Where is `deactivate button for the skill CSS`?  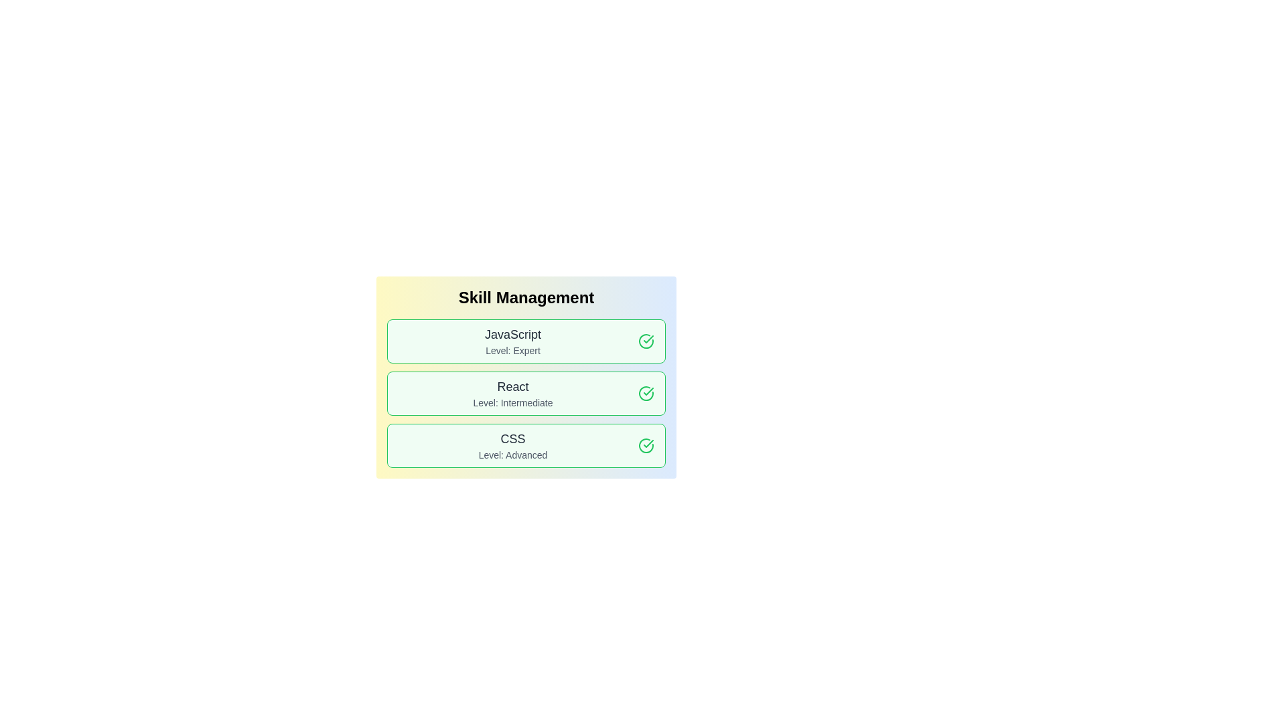 deactivate button for the skill CSS is located at coordinates (646, 446).